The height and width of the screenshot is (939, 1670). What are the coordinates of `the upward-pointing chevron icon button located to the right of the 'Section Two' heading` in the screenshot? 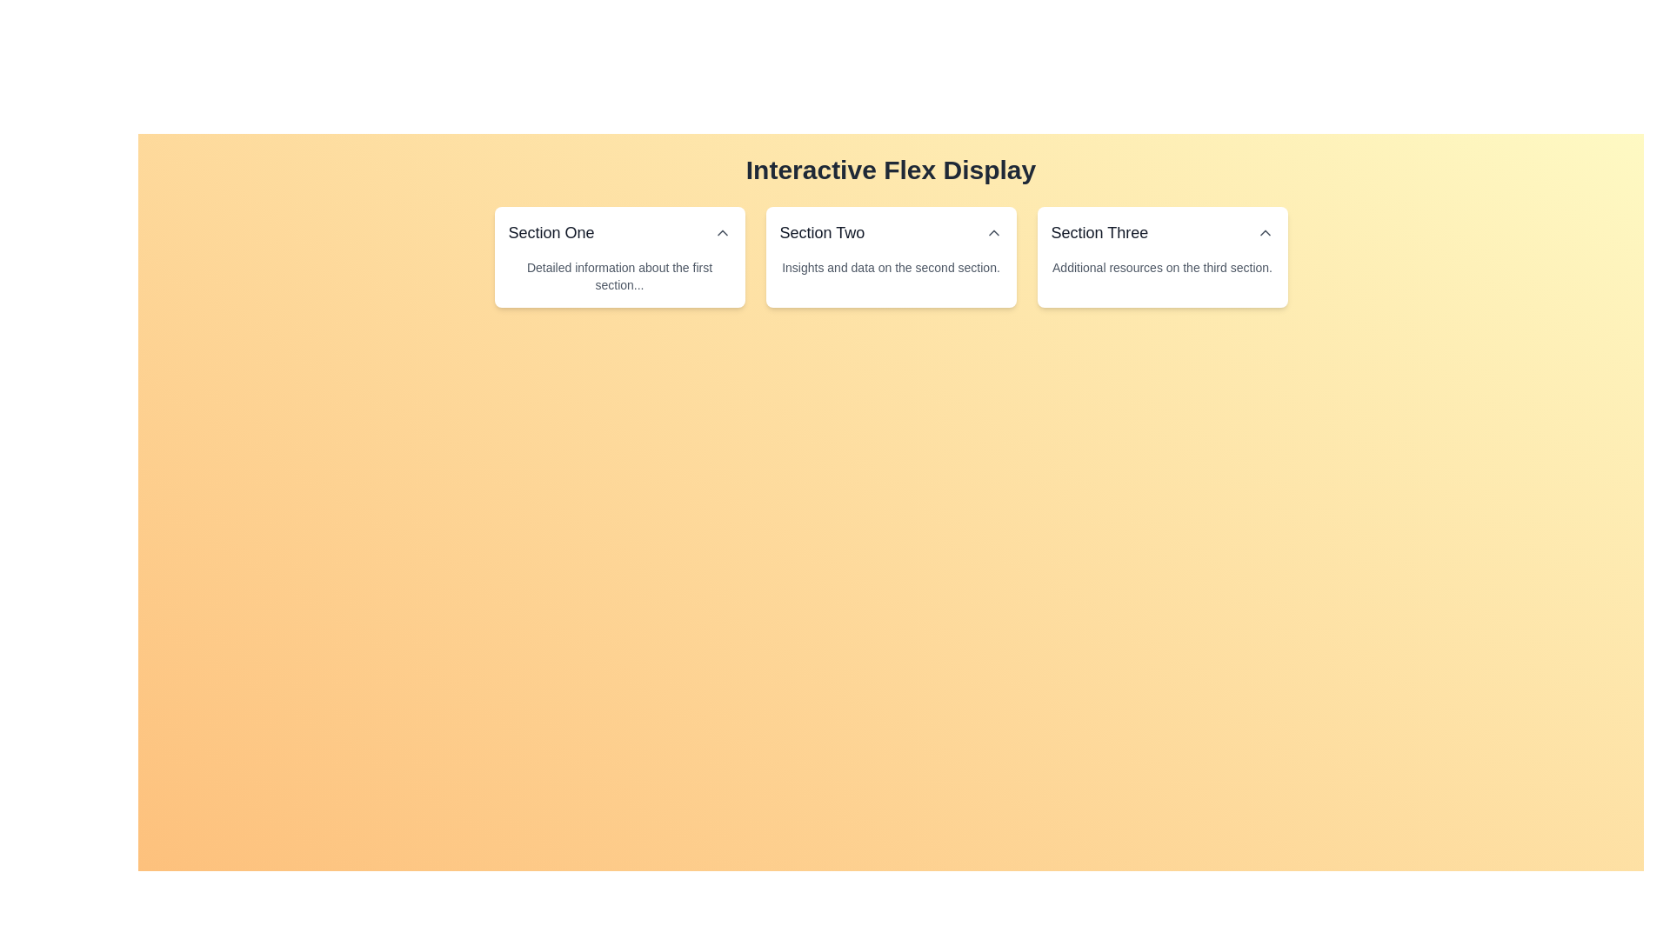 It's located at (993, 231).